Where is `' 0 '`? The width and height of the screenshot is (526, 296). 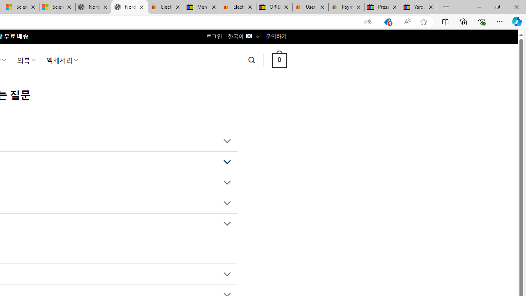
' 0 ' is located at coordinates (279, 60).